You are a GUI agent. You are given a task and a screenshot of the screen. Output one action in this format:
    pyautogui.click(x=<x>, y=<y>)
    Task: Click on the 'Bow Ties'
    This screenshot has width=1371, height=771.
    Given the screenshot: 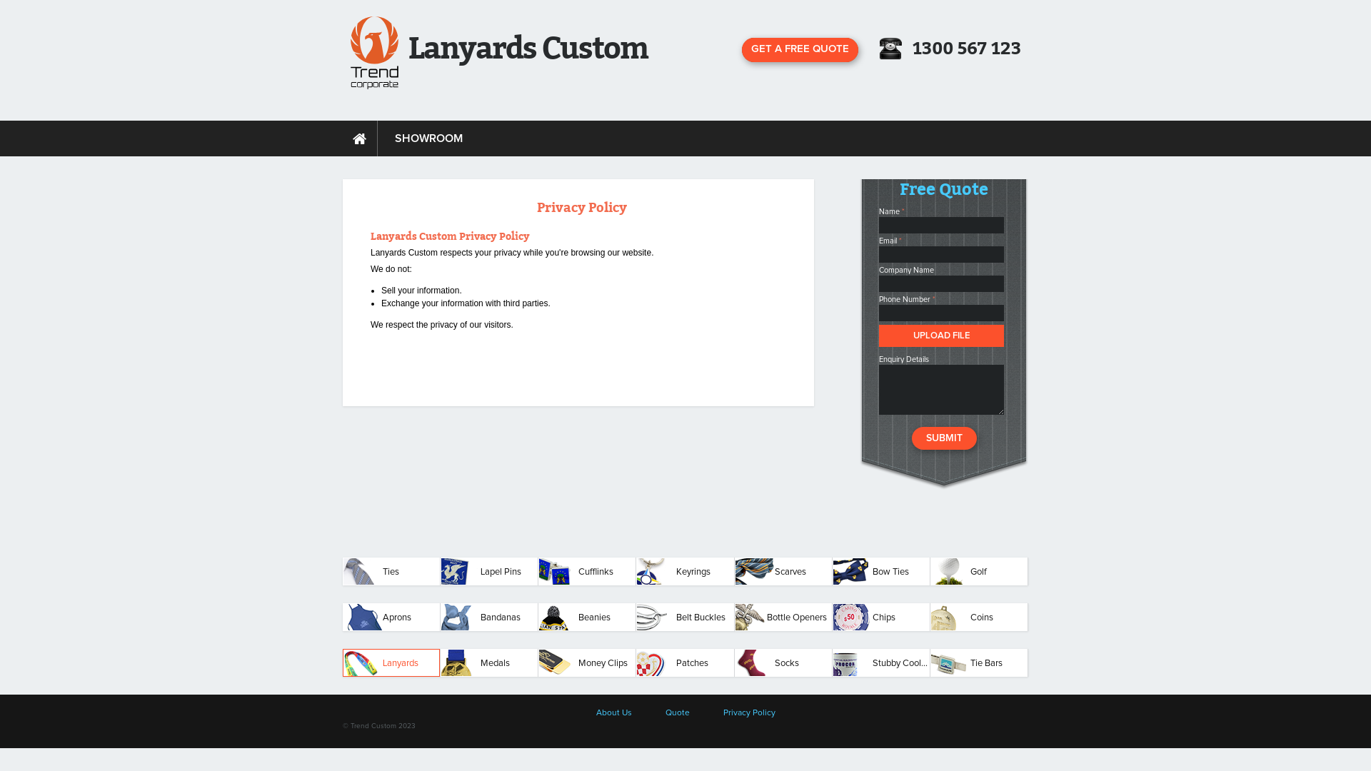 What is the action you would take?
    pyautogui.click(x=833, y=570)
    